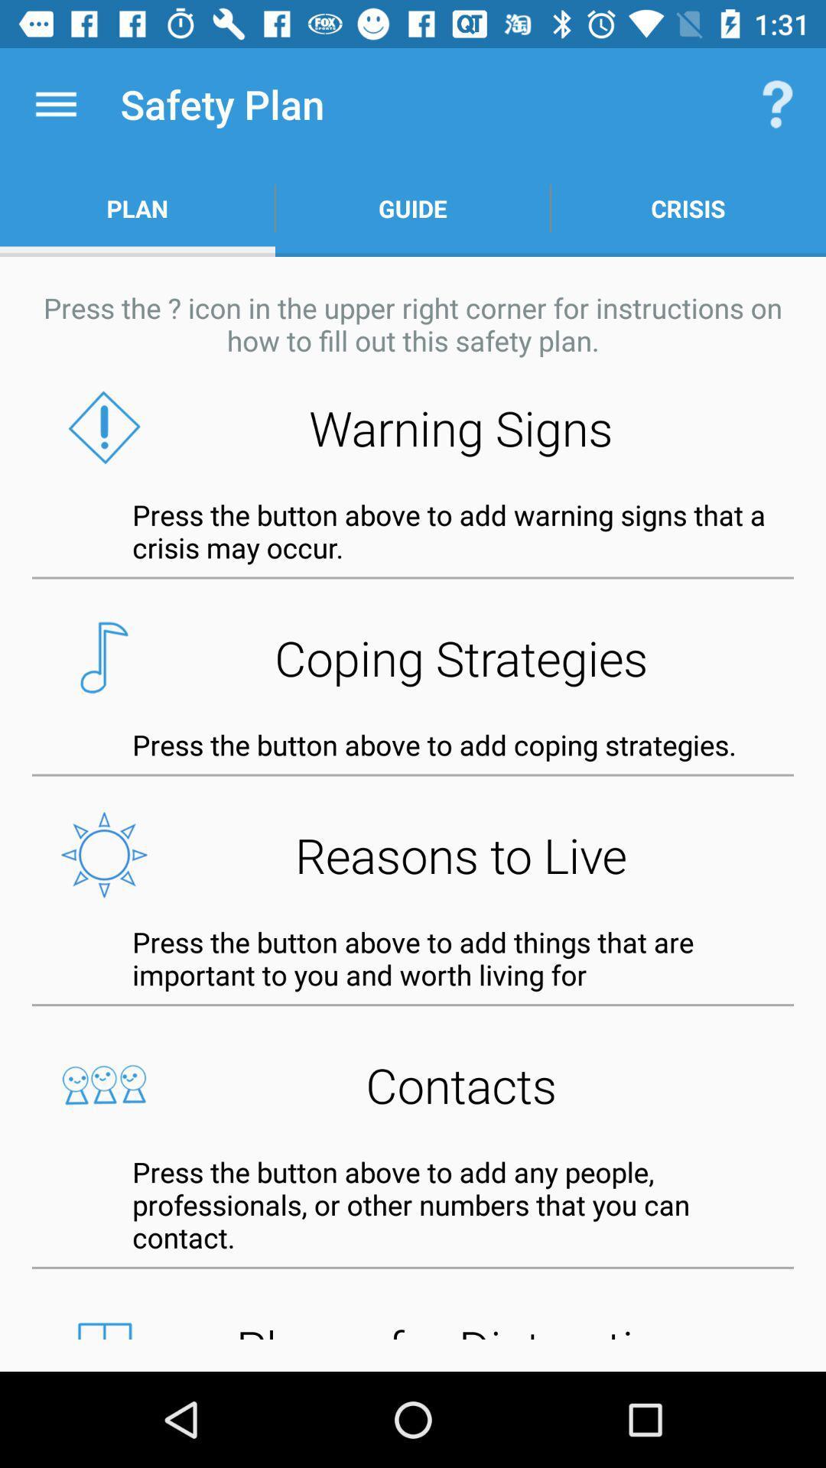 Image resolution: width=826 pixels, height=1468 pixels. I want to click on the app above press the button, so click(413, 1084).